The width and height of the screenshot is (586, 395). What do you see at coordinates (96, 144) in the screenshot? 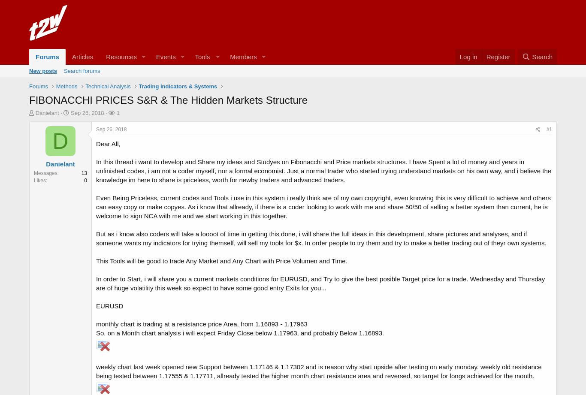
I see `'Dear All,'` at bounding box center [96, 144].